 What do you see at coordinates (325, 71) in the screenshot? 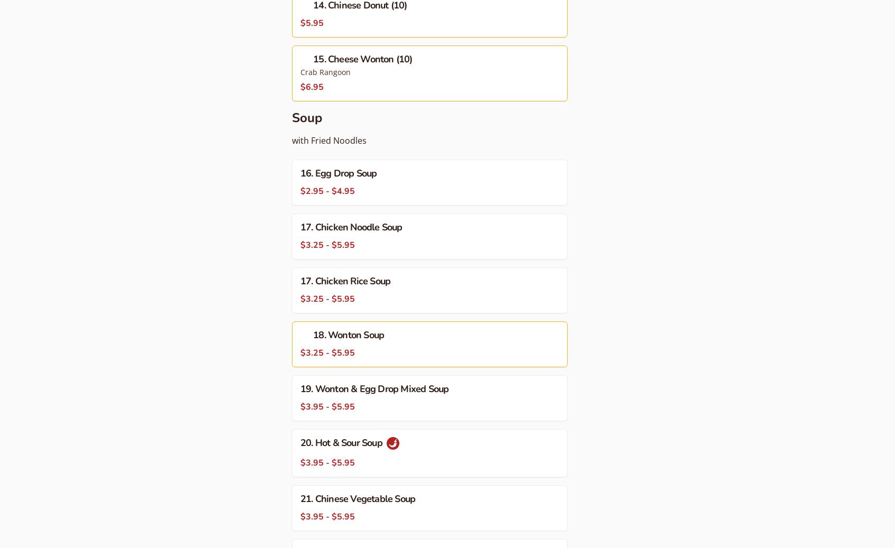
I see `'Crab Rangoon'` at bounding box center [325, 71].